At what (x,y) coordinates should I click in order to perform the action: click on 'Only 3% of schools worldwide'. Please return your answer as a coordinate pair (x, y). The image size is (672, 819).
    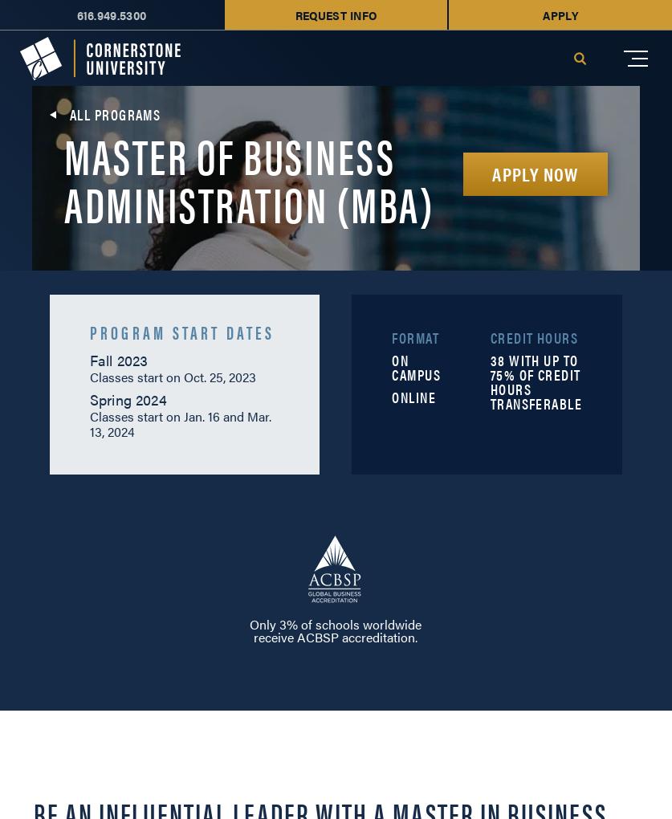
    Looking at the image, I should click on (335, 623).